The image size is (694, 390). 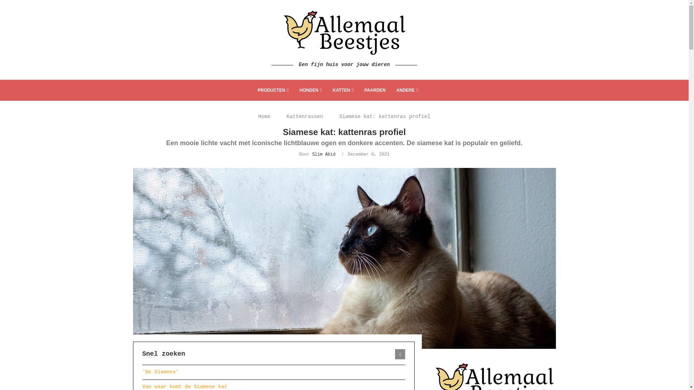 I want to click on 'Slim Abid', so click(x=323, y=154).